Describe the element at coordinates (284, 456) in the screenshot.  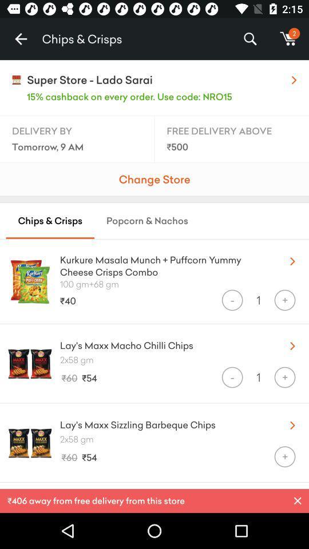
I see `the + icon` at that location.